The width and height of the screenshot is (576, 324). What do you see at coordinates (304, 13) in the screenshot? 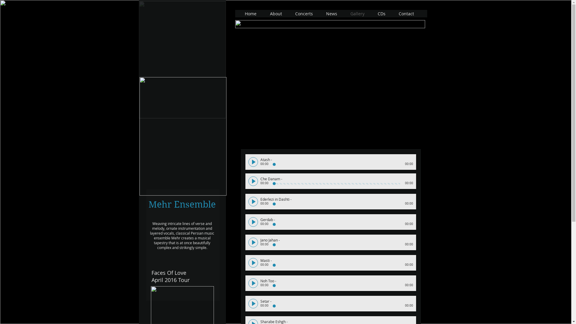
I see `'Concerts'` at bounding box center [304, 13].